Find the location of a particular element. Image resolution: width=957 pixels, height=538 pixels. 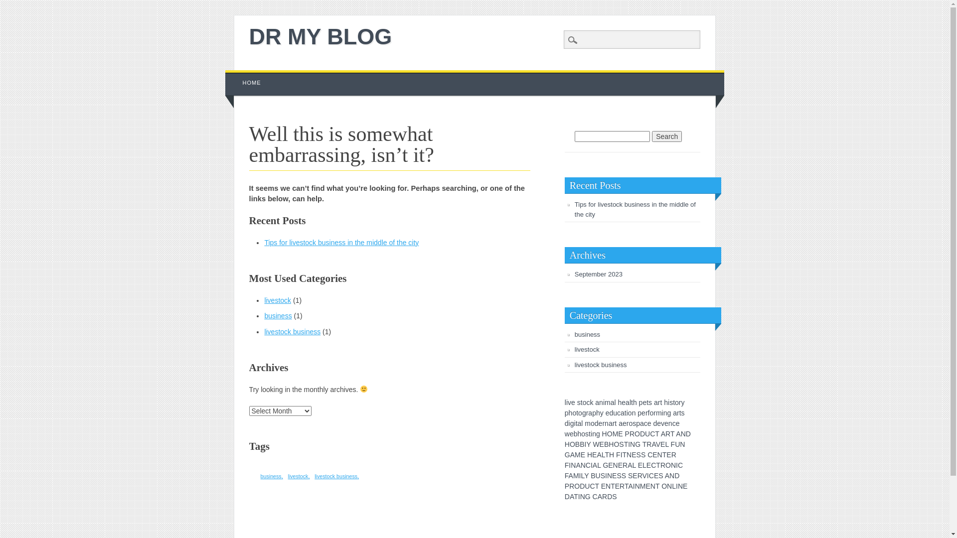

'September 2023' is located at coordinates (598, 274).